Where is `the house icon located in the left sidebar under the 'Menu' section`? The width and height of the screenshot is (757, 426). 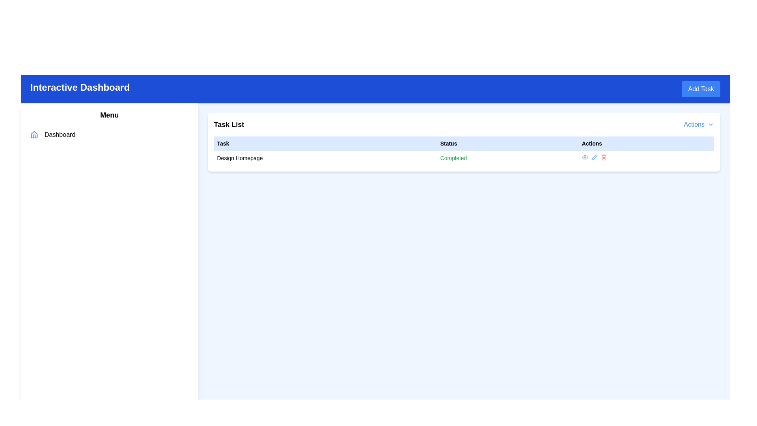 the house icon located in the left sidebar under the 'Menu' section is located at coordinates (34, 134).